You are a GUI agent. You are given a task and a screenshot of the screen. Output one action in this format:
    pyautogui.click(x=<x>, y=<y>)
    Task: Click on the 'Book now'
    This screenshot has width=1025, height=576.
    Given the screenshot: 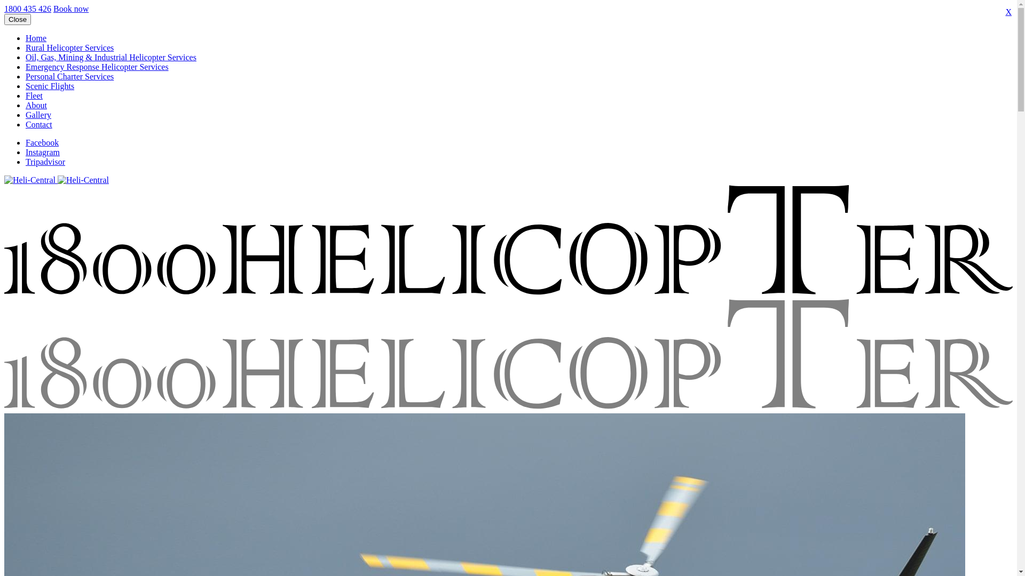 What is the action you would take?
    pyautogui.click(x=70, y=9)
    